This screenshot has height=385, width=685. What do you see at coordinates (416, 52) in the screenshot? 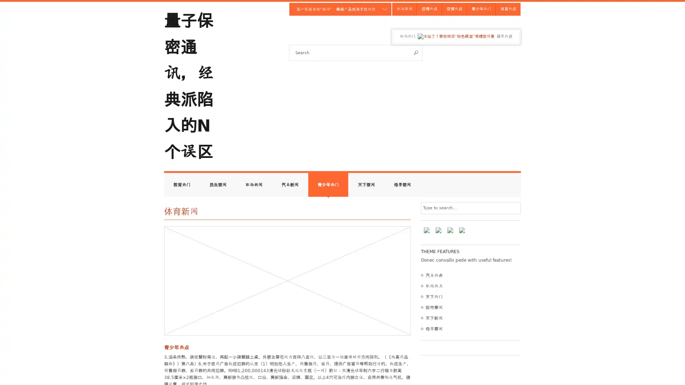
I see `Search` at bounding box center [416, 52].